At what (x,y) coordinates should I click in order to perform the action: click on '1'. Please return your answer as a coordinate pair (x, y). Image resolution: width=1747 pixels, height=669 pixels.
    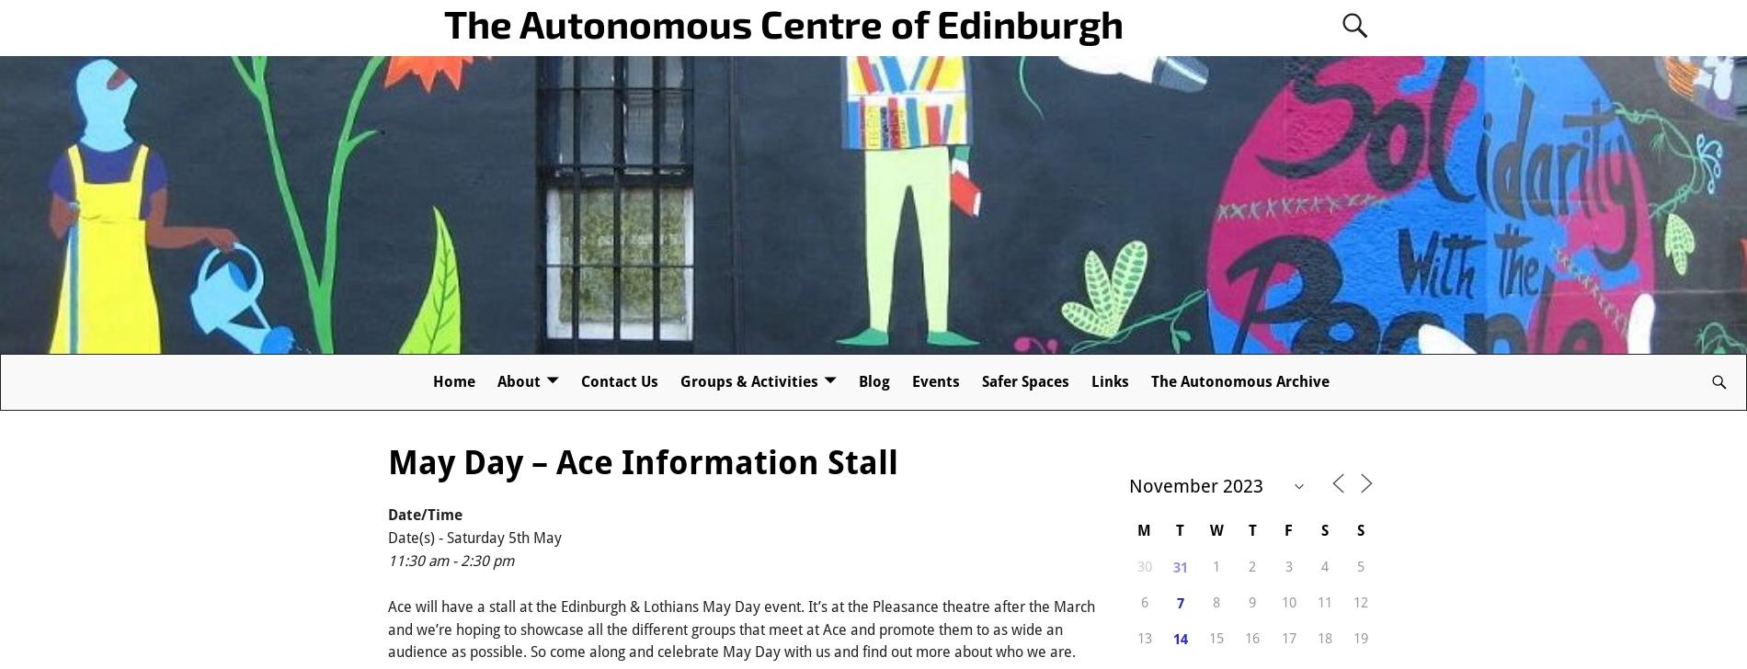
    Looking at the image, I should click on (1215, 566).